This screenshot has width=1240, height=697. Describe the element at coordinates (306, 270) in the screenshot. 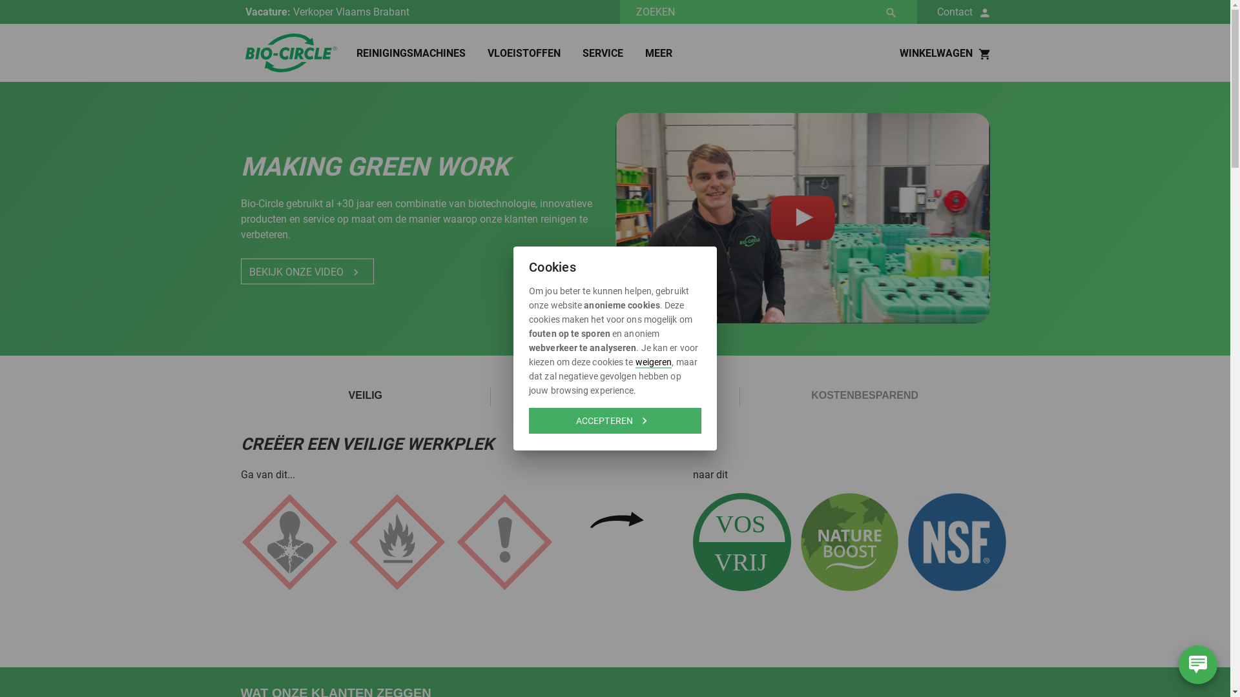

I see `'BEKIJK ONZE VIDEO chevron_right'` at that location.